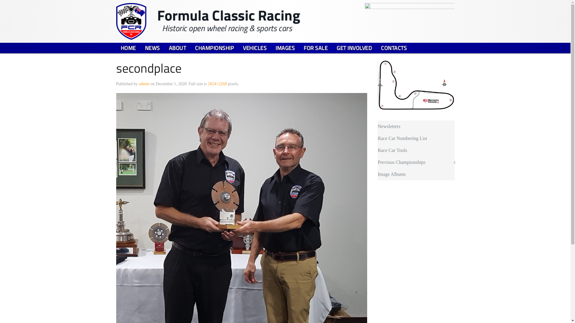 The image size is (575, 323). I want to click on 'Image Albums', so click(415, 174).